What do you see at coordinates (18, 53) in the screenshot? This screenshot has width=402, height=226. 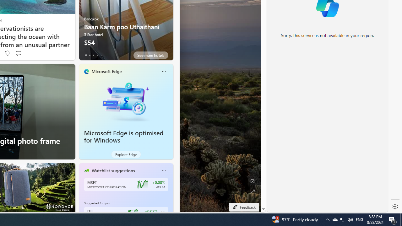 I see `'Start the conversation'` at bounding box center [18, 53].